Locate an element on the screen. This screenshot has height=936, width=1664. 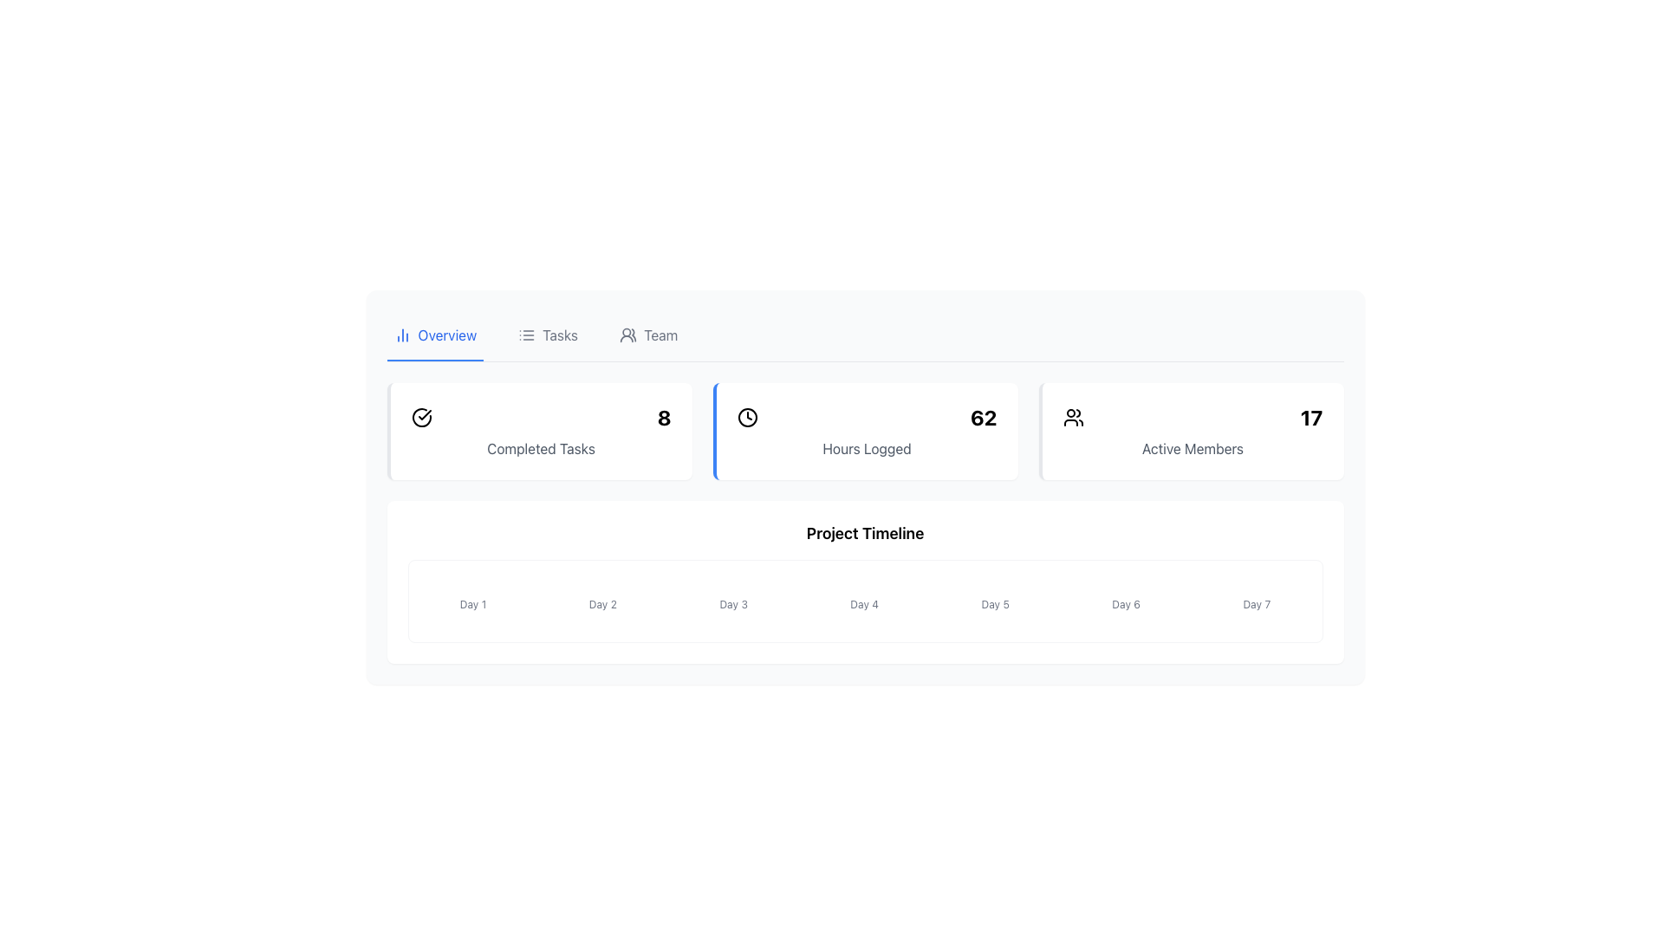
the static text label displaying 'Project Timeline', which serves as a header for the timeline display is located at coordinates (865, 533).